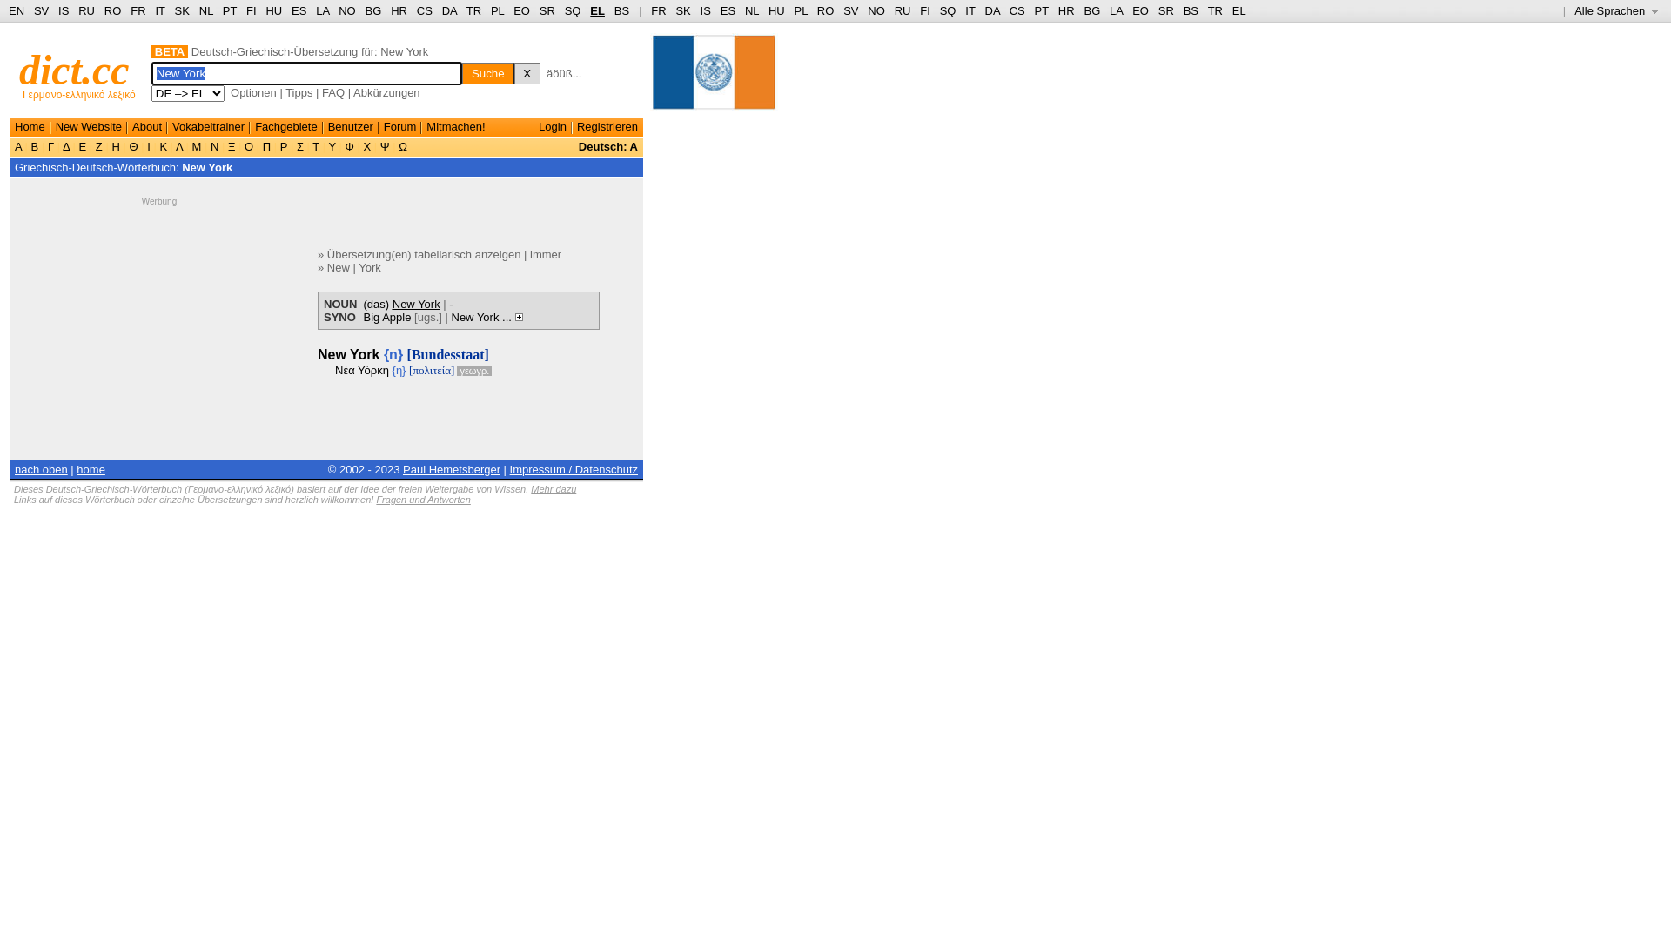  I want to click on 'Mehr dazu', so click(552, 489).